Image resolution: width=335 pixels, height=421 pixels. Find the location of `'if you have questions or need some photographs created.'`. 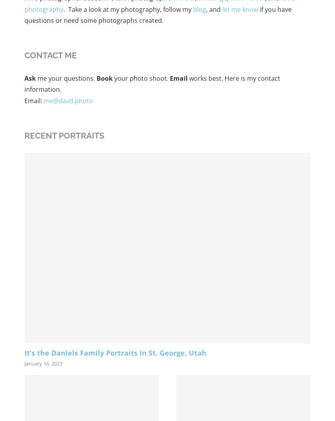

'if you have questions or need some photographs created.' is located at coordinates (158, 14).